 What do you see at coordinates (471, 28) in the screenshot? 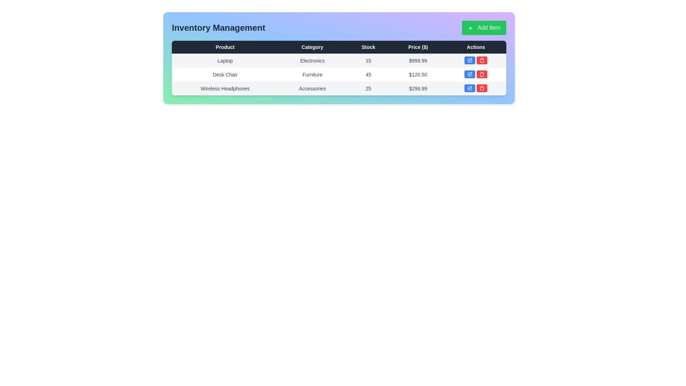
I see `the plus sign icon located inside the 'Add Item' button at the top-right corner of the application interface` at bounding box center [471, 28].